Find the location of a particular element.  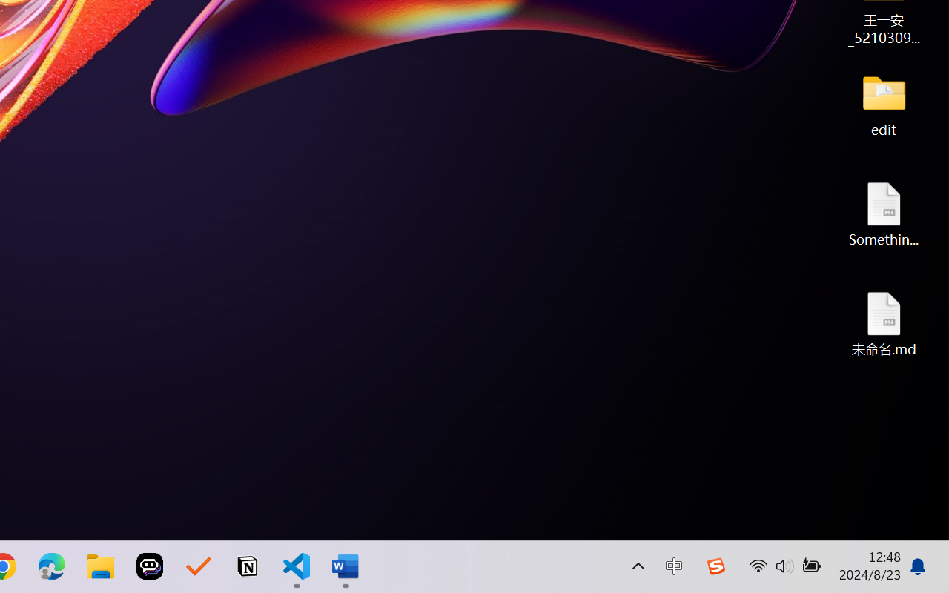

'edit' is located at coordinates (884, 104).